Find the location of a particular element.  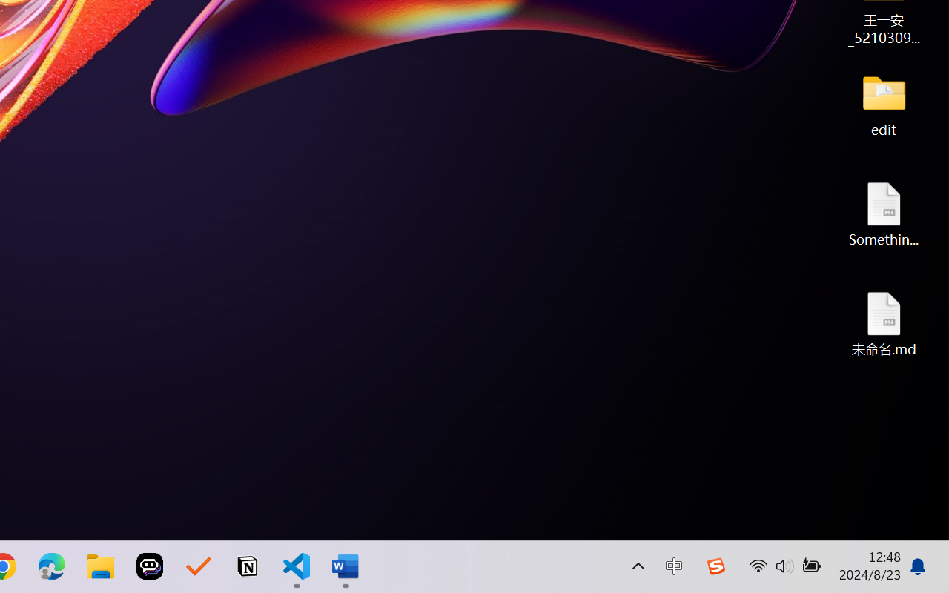

'edit' is located at coordinates (884, 104).